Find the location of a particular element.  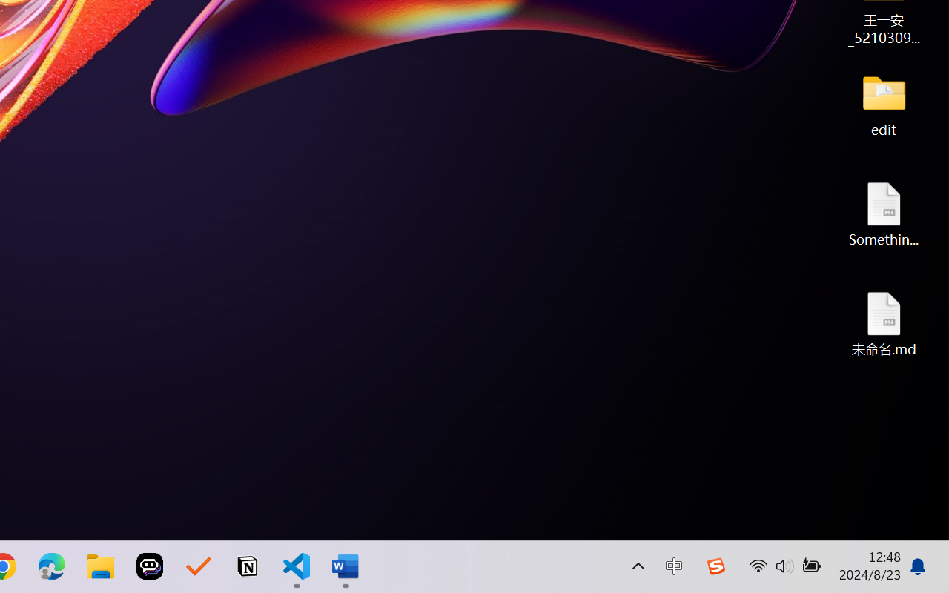

'edit' is located at coordinates (884, 104).